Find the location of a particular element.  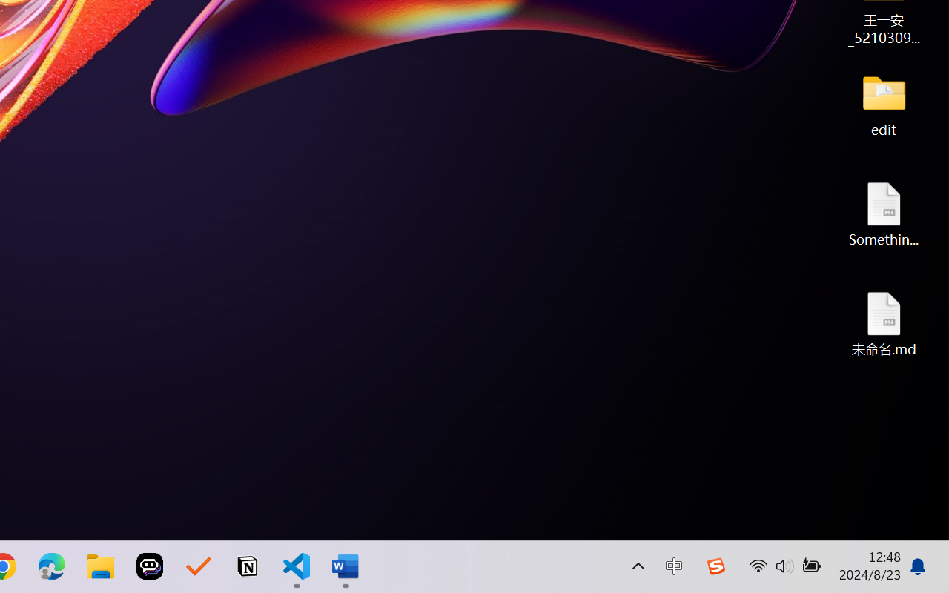

'edit' is located at coordinates (884, 104).